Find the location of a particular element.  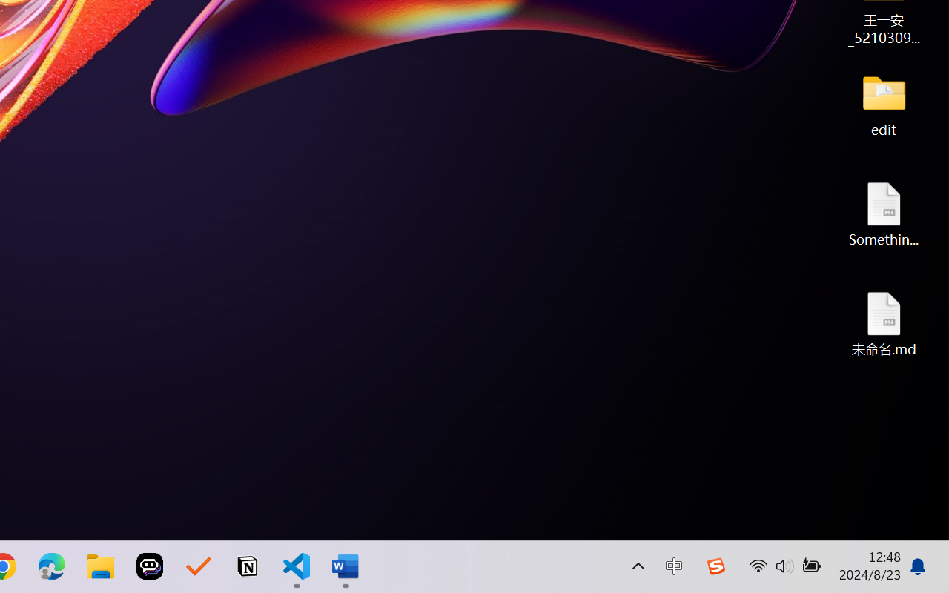

'edit' is located at coordinates (884, 104).